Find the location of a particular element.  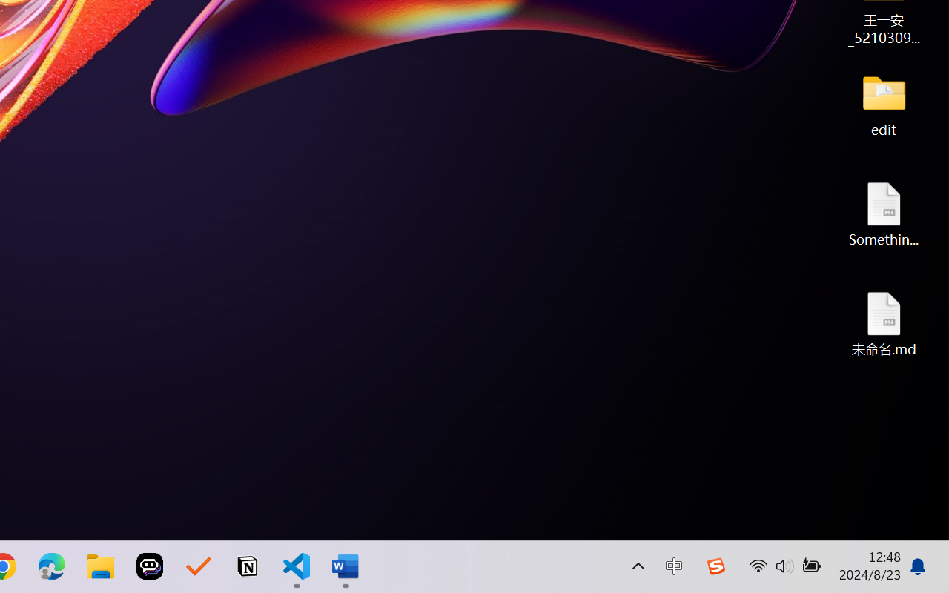

'edit' is located at coordinates (884, 104).